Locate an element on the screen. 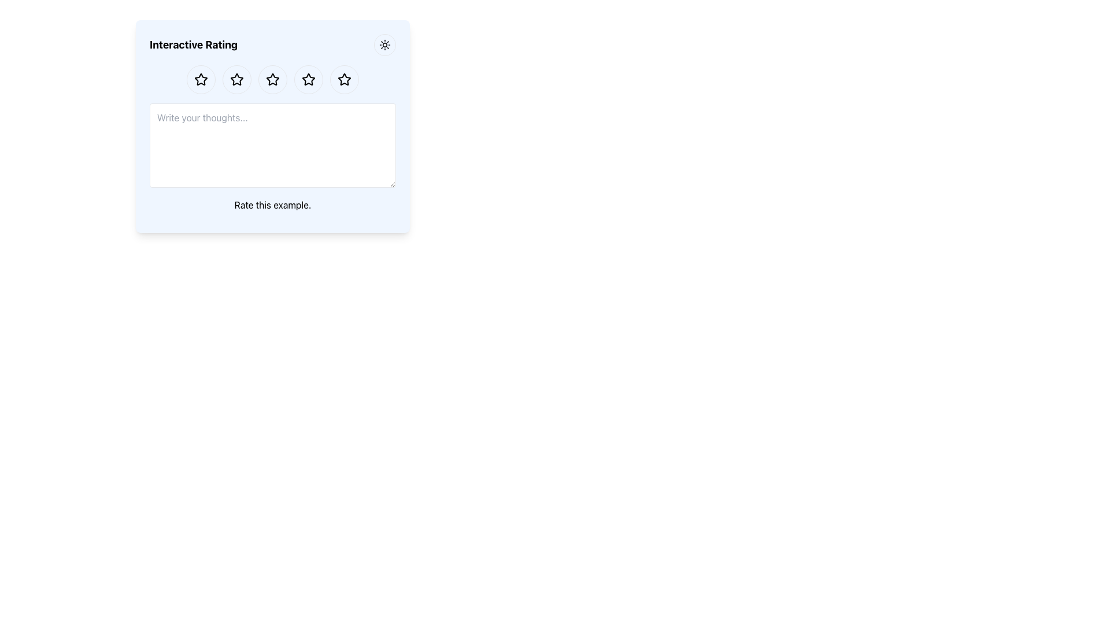 Image resolution: width=1110 pixels, height=624 pixels. the first star-shaped icon in the row of five stars within the 'Interactive Rating' module is located at coordinates (201, 79).